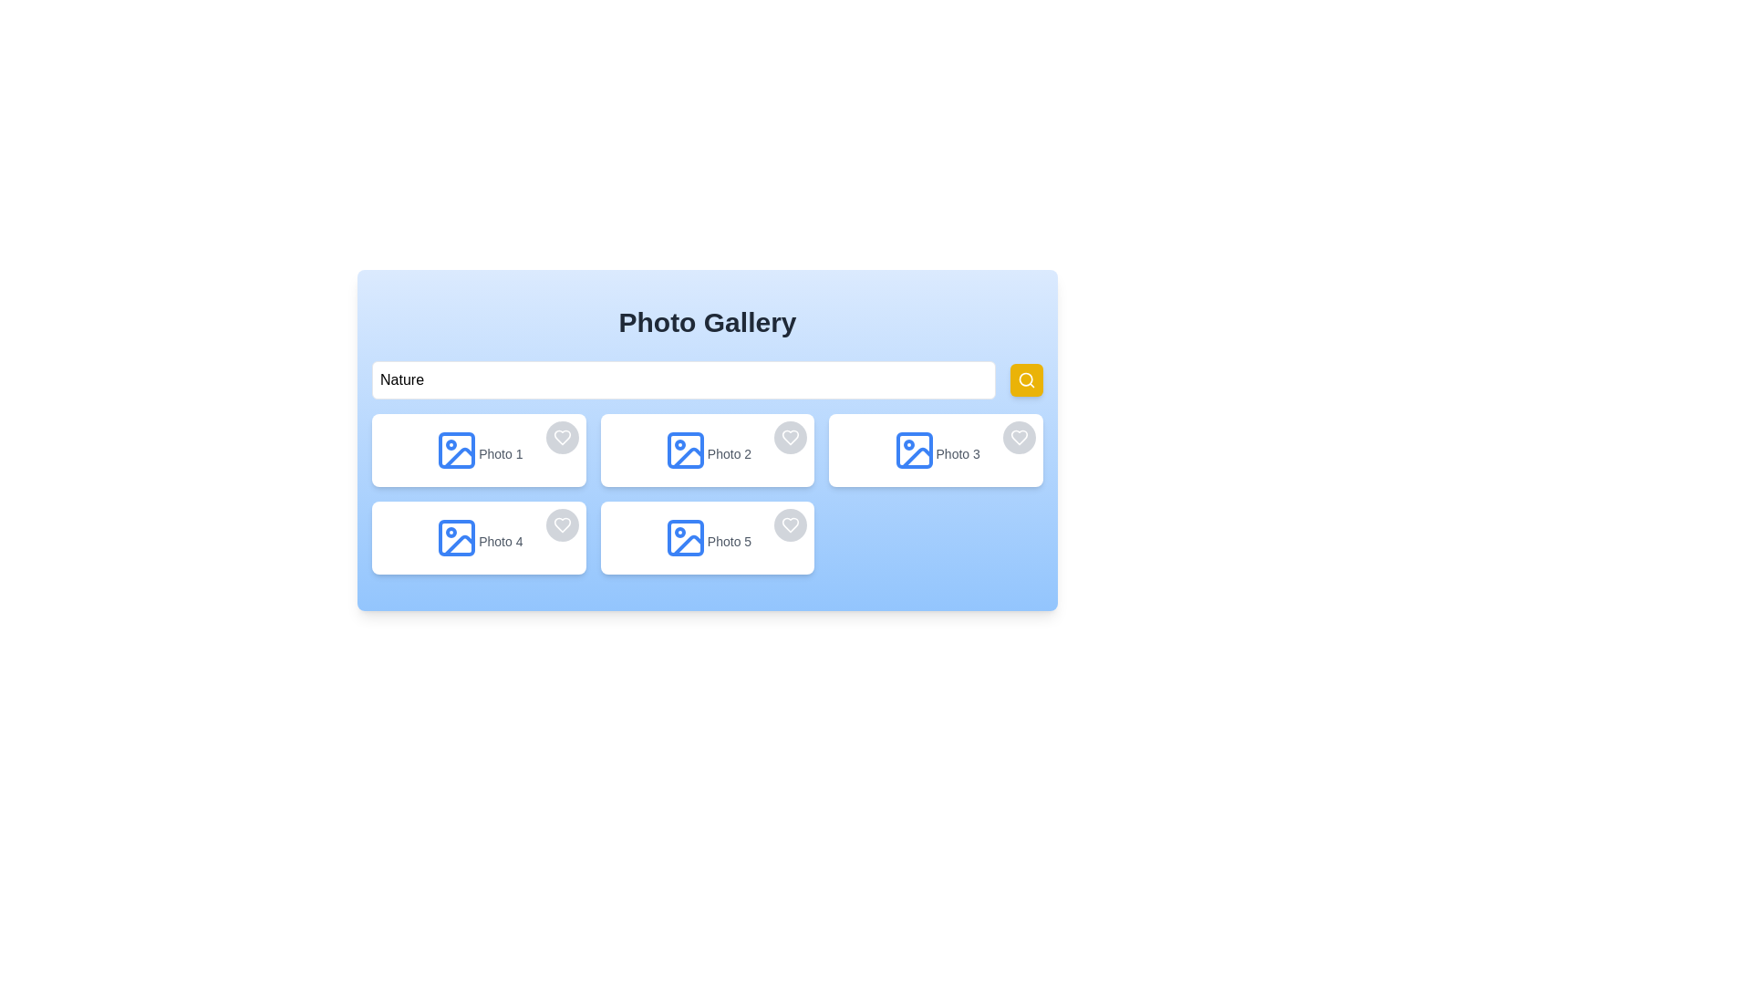 This screenshot has height=985, width=1751. What do you see at coordinates (791, 437) in the screenshot?
I see `the heart icon button in the top-right corner of the second photo card` at bounding box center [791, 437].